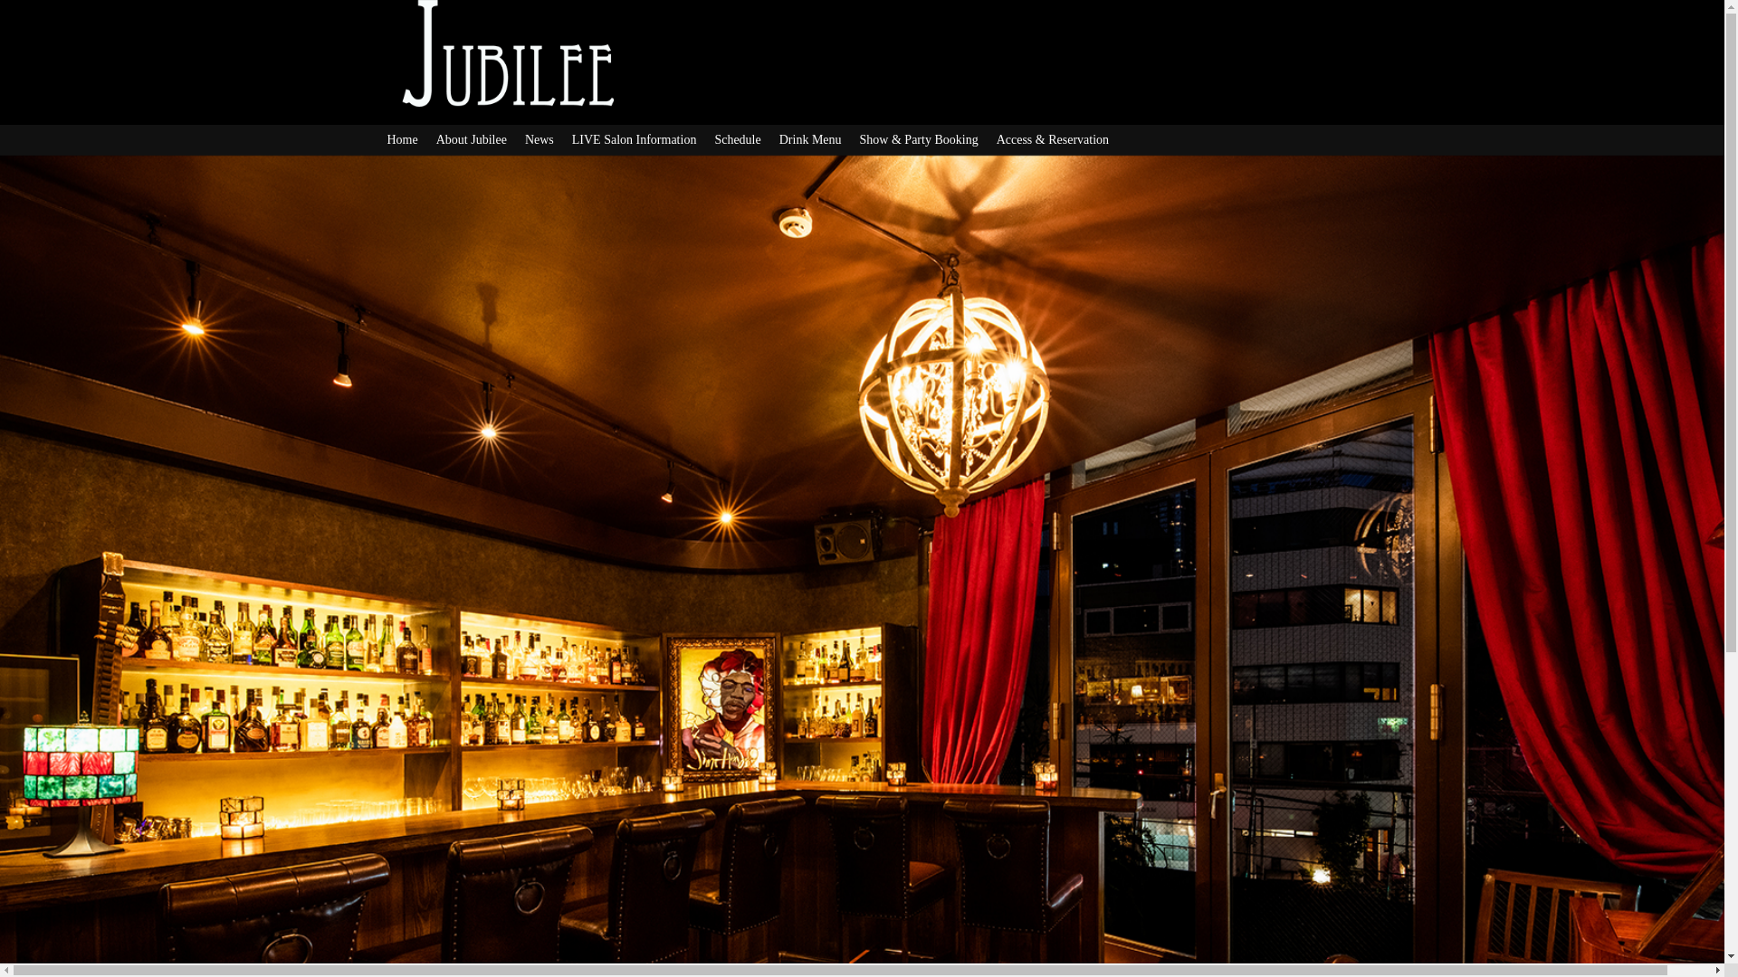 The width and height of the screenshot is (1738, 977). I want to click on 'Show & Party Booking', so click(859, 138).